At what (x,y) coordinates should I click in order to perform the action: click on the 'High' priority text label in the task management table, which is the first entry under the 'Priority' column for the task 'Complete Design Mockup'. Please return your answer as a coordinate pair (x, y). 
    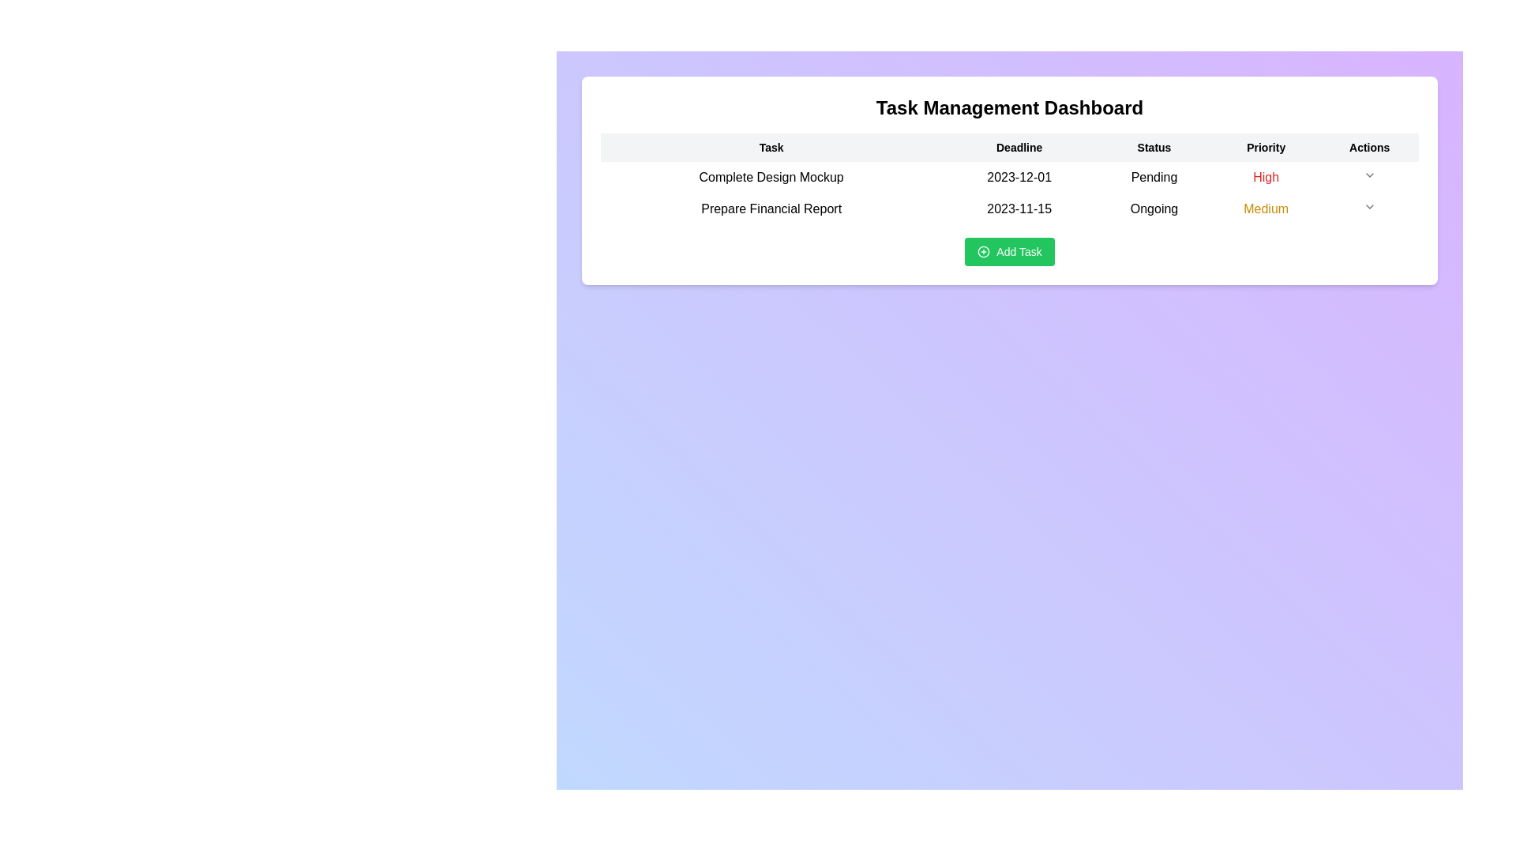
    Looking at the image, I should click on (1266, 177).